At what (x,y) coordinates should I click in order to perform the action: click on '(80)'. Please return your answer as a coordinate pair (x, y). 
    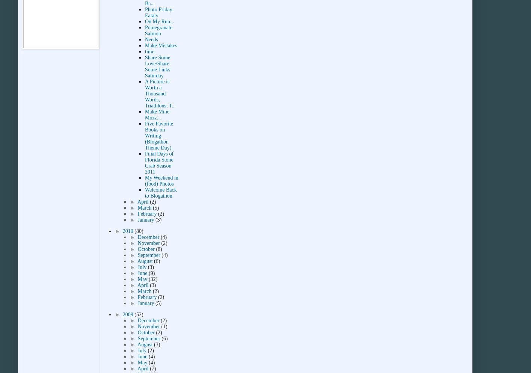
    Looking at the image, I should click on (139, 231).